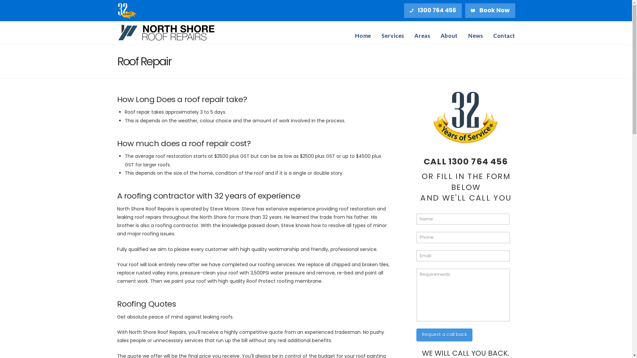 The width and height of the screenshot is (637, 358). I want to click on '1300 764 456', so click(433, 10).